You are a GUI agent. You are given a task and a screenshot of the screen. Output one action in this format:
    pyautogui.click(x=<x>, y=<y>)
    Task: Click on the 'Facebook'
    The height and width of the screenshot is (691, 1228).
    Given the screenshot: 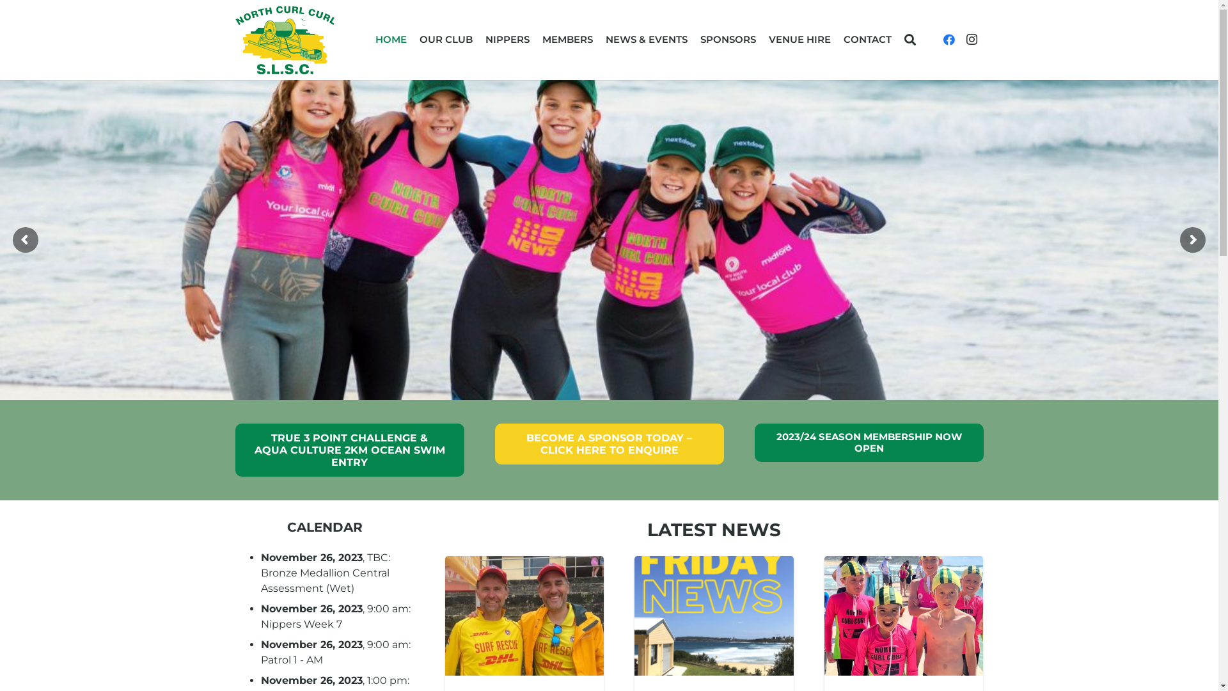 What is the action you would take?
    pyautogui.click(x=949, y=38)
    